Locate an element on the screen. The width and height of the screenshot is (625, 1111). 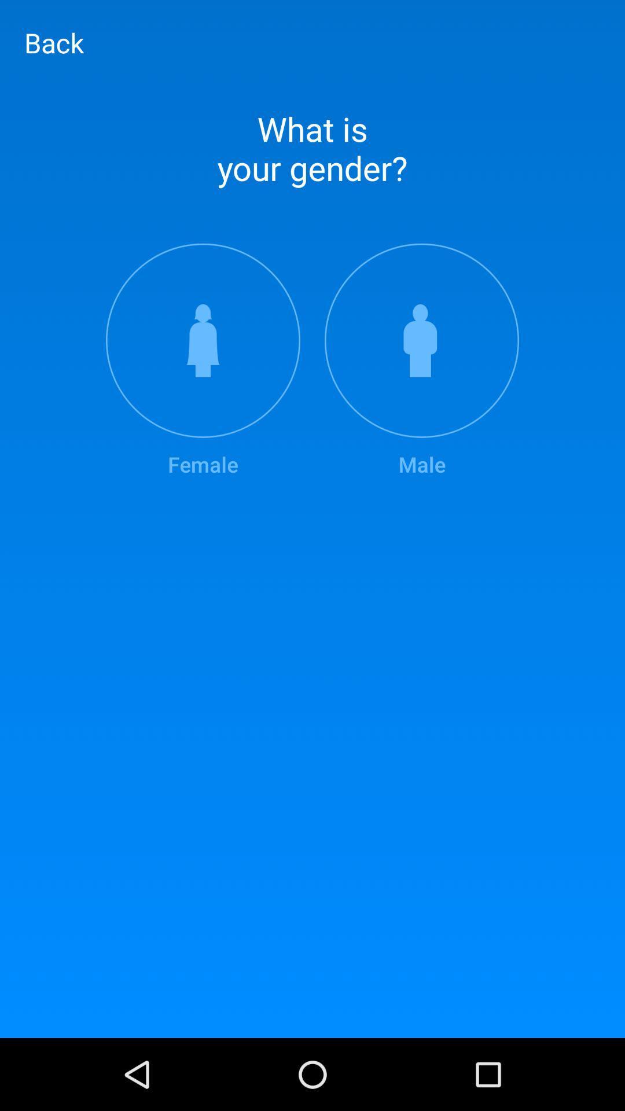
the icon below what is your item is located at coordinates (203, 360).